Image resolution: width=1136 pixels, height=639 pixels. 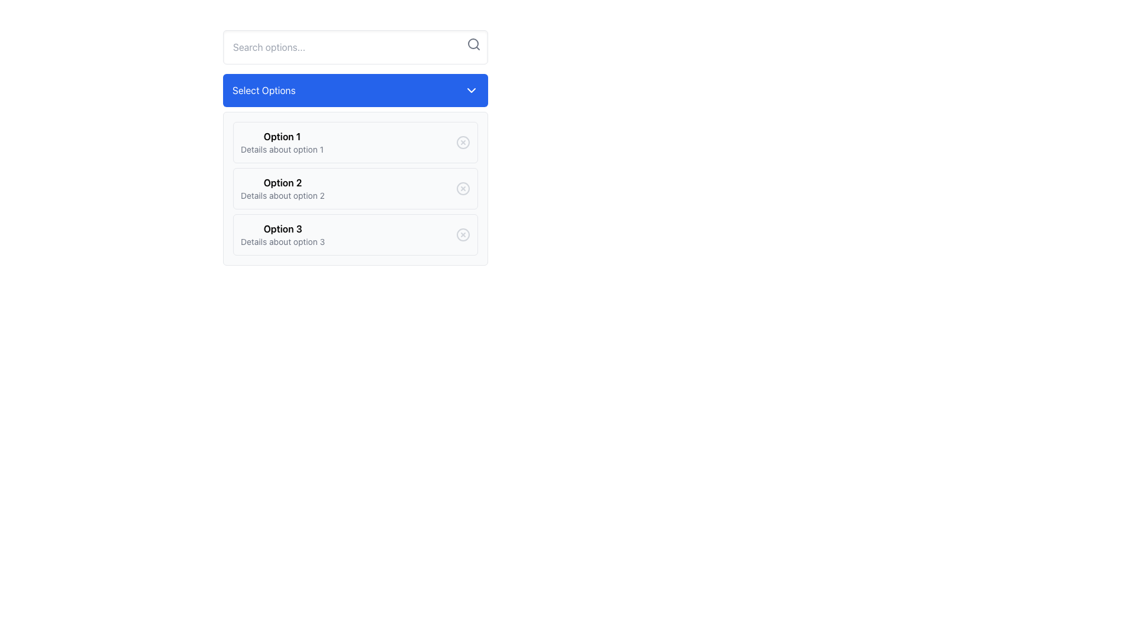 I want to click on the second list item in the 'Select Options' dropdown, which displays 'Option 2' in bold and 'Details about option 2' in smaller gray font, so click(x=282, y=188).